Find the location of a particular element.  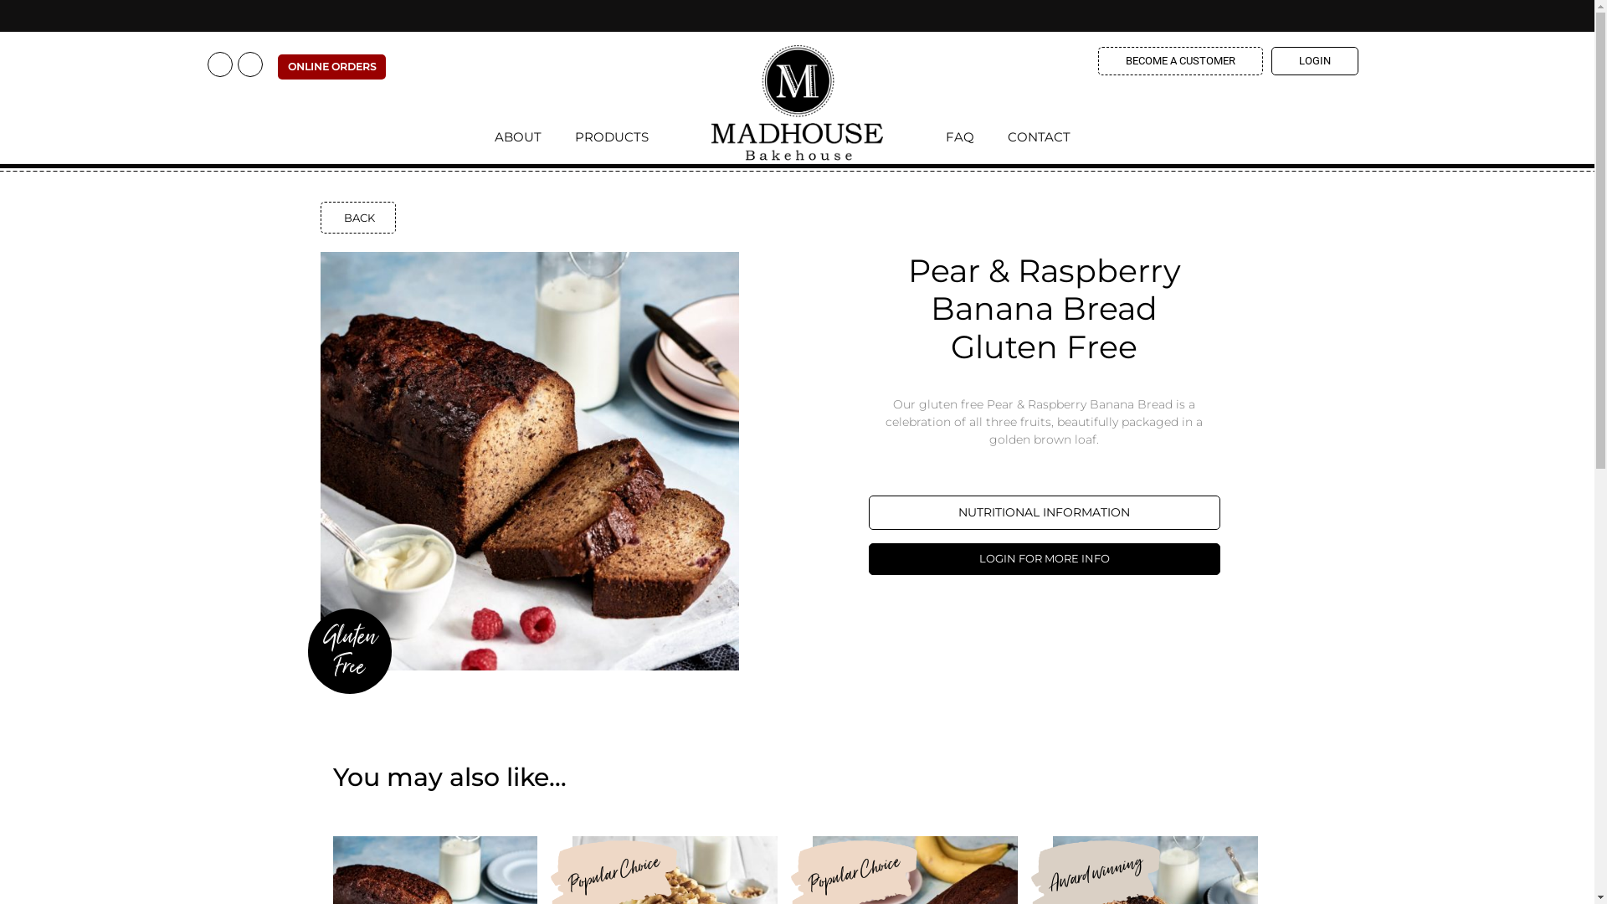

'BECOME A CUSTOMER' is located at coordinates (1097, 60).